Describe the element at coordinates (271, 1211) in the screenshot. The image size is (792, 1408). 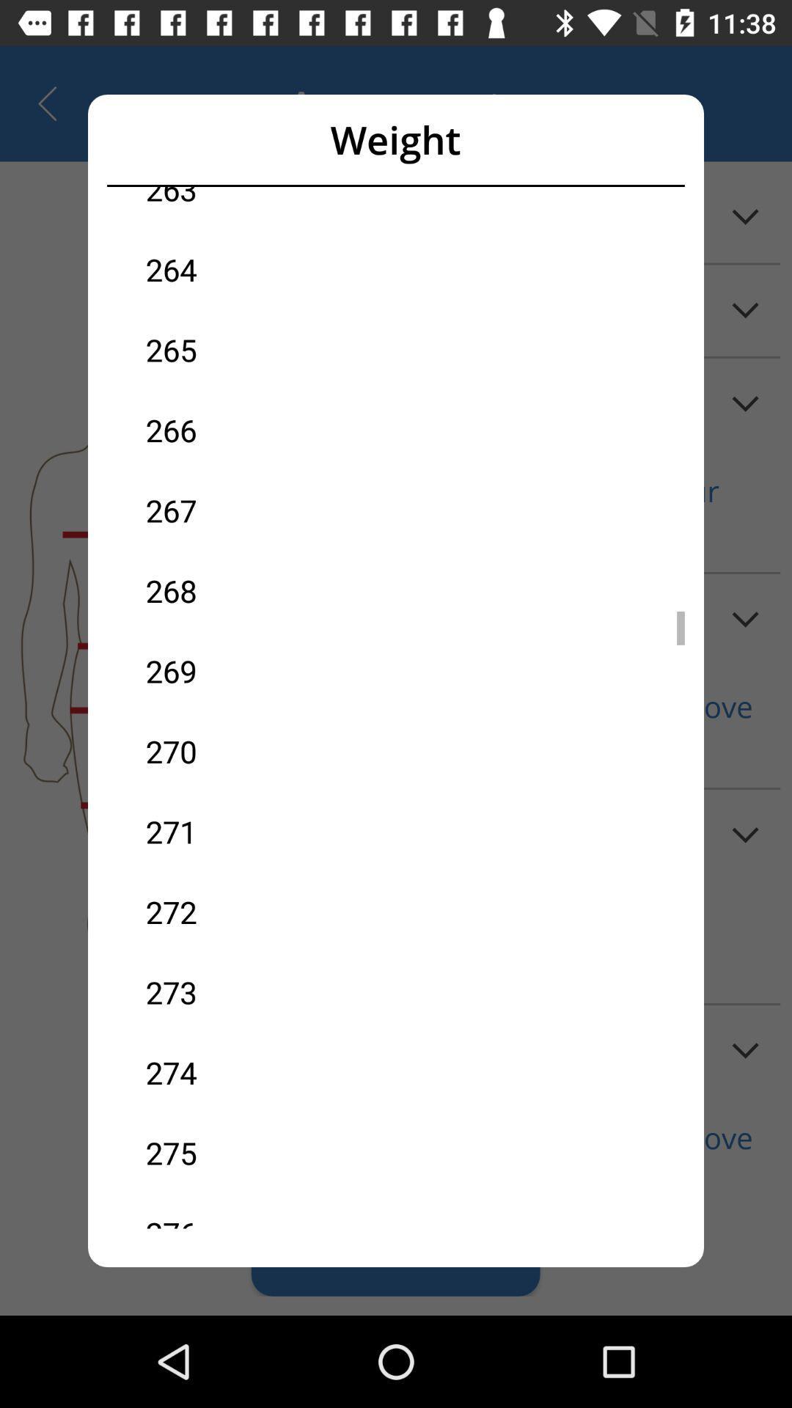
I see `276` at that location.